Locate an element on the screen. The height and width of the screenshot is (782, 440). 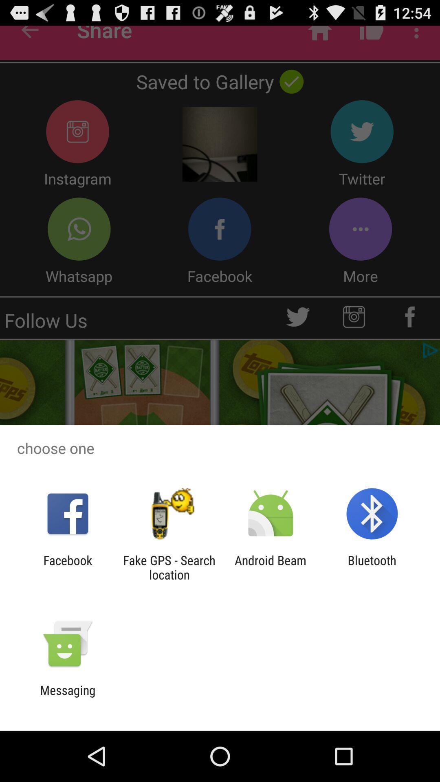
the icon to the left of bluetooth app is located at coordinates (271, 567).